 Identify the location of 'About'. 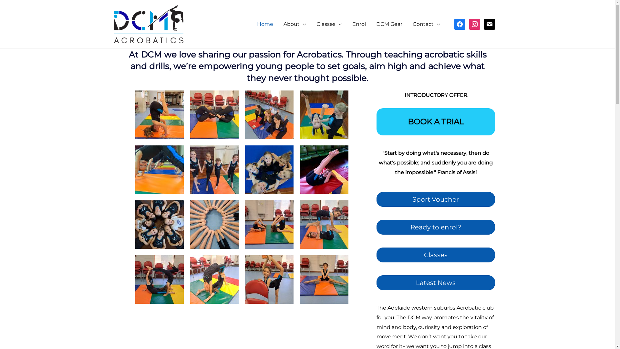
(278, 24).